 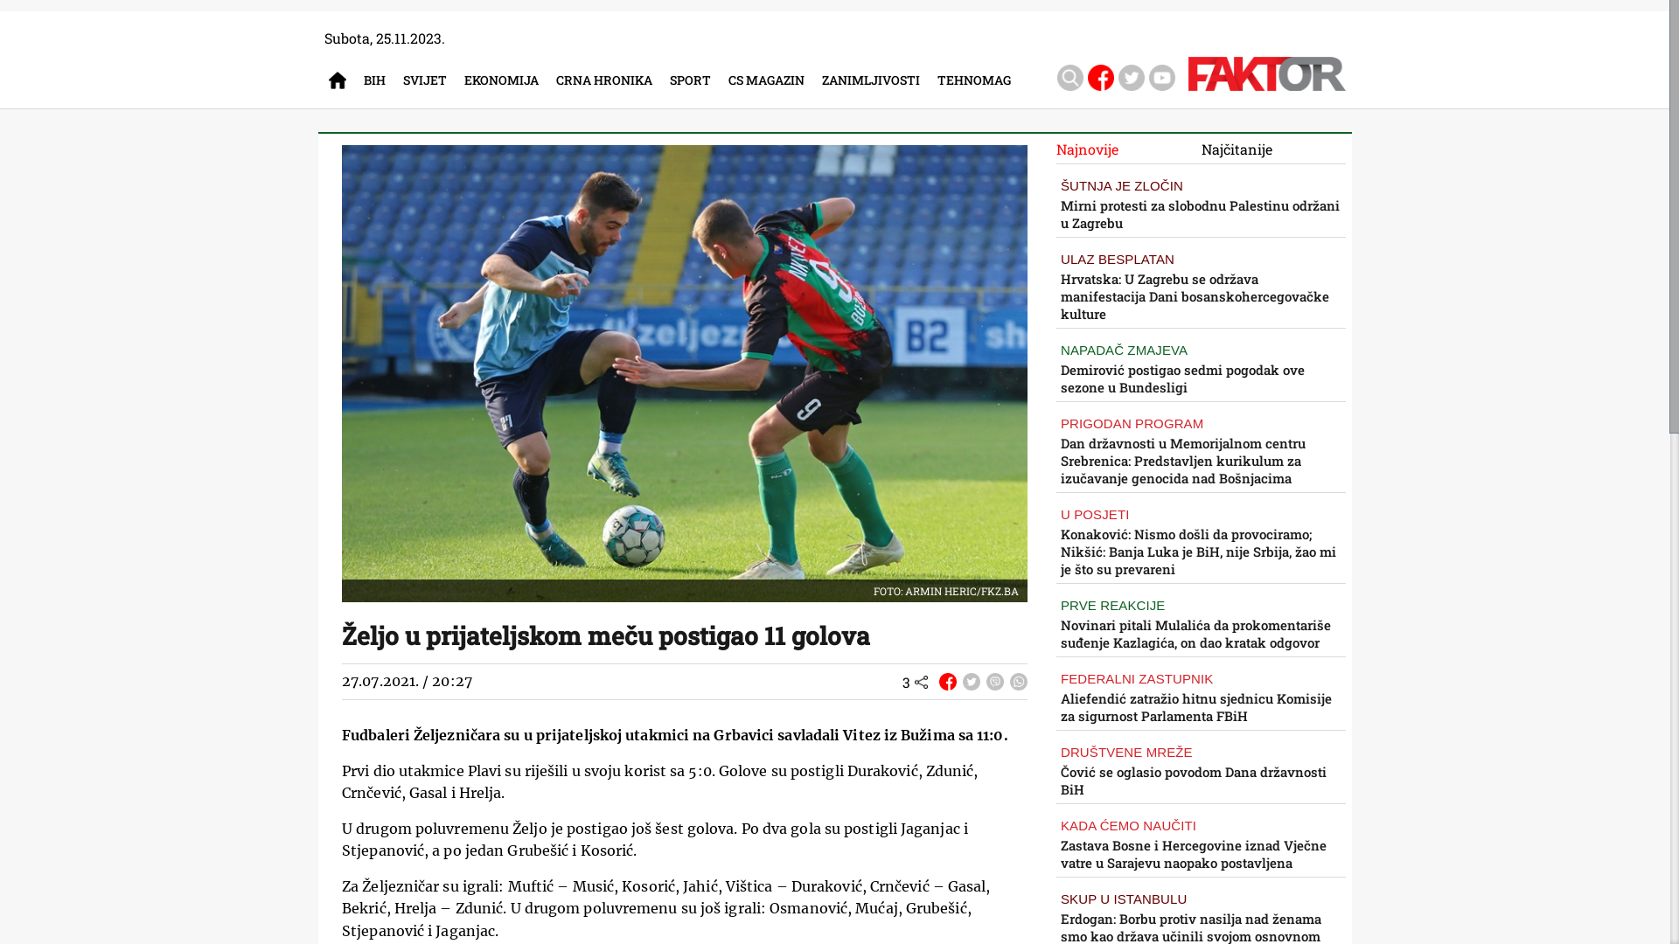 What do you see at coordinates (609, 80) in the screenshot?
I see `'CRNA HRONIKA'` at bounding box center [609, 80].